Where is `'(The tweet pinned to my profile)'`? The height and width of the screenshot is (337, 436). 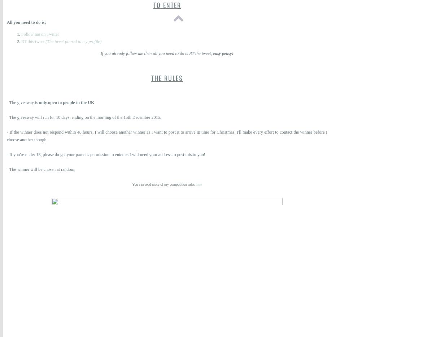
'(The tweet pinned to my profile)' is located at coordinates (45, 41).